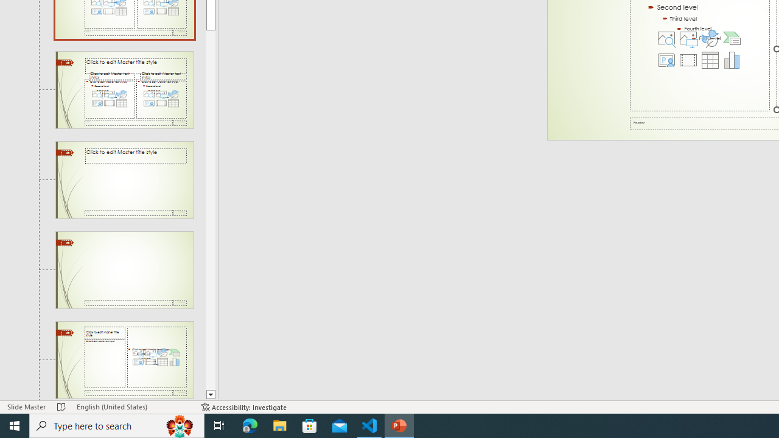 The width and height of the screenshot is (779, 438). Describe the element at coordinates (731, 37) in the screenshot. I see `'Insert a SmartArt Graphic'` at that location.